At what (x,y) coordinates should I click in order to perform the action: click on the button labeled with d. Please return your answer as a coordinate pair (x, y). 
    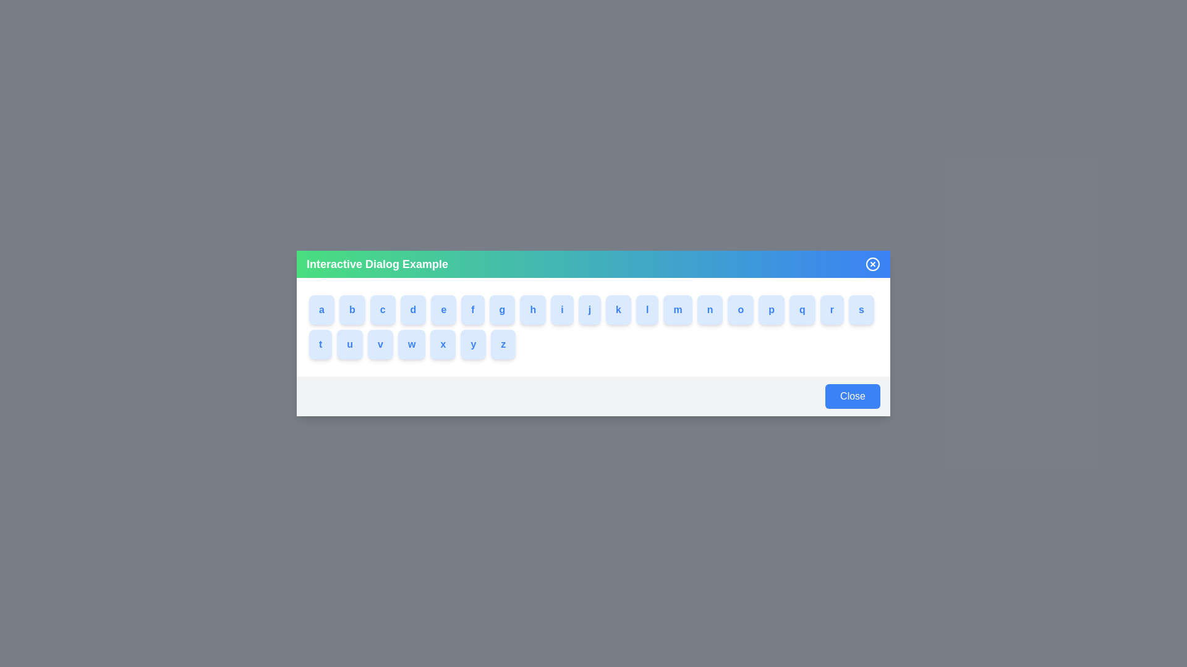
    Looking at the image, I should click on (414, 309).